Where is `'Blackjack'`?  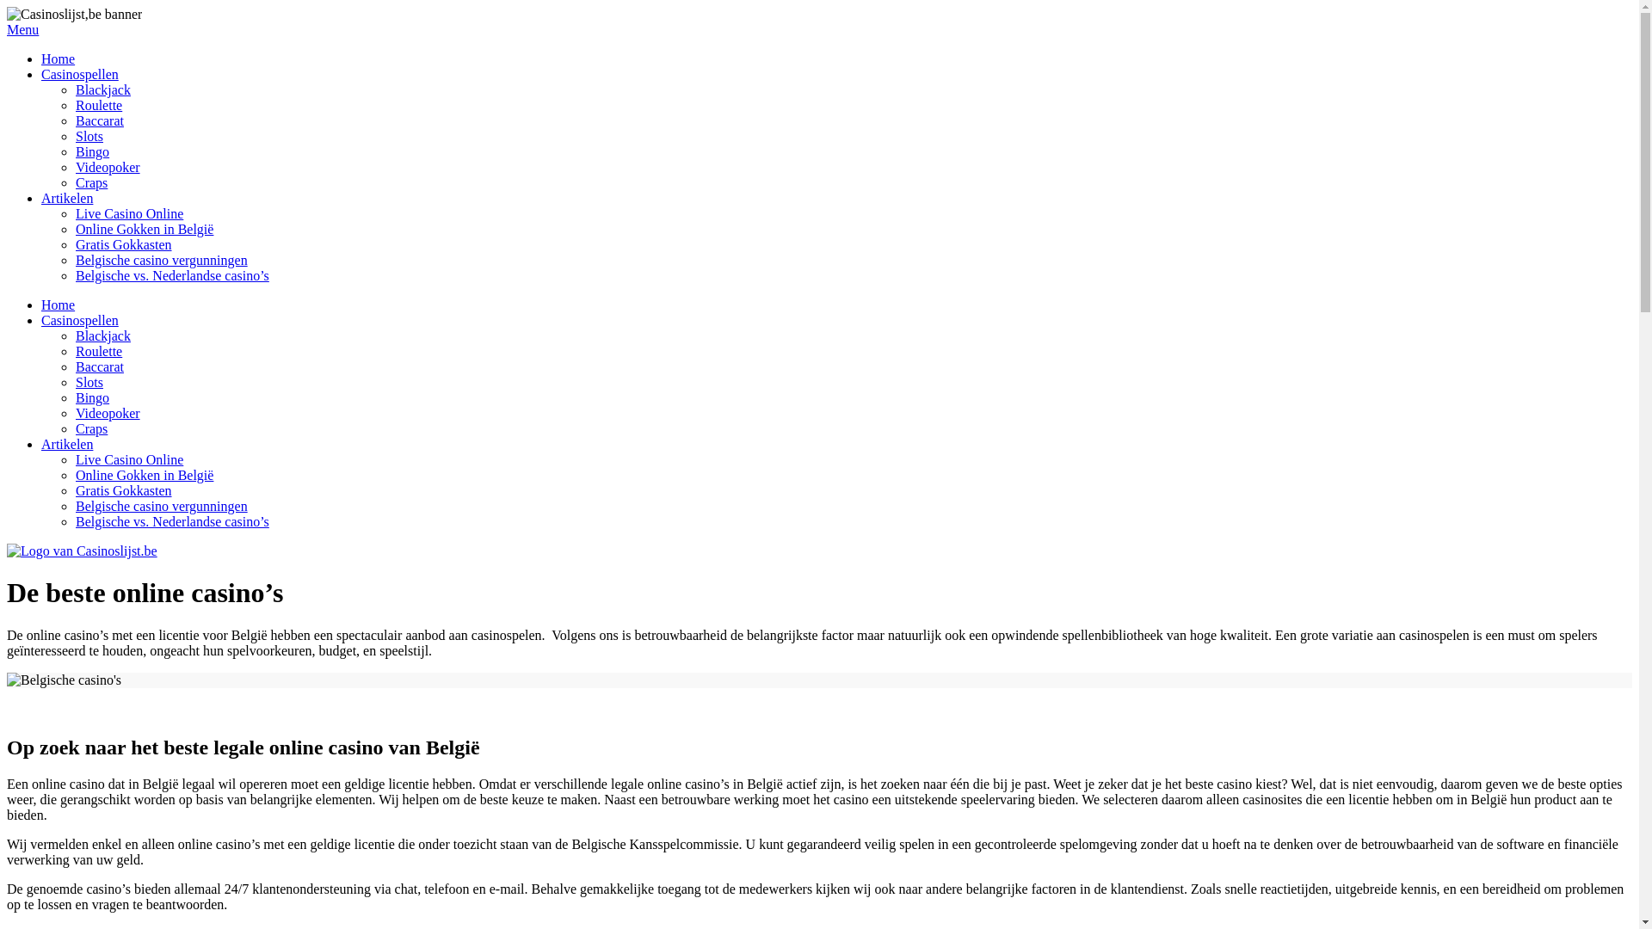
'Blackjack' is located at coordinates (102, 335).